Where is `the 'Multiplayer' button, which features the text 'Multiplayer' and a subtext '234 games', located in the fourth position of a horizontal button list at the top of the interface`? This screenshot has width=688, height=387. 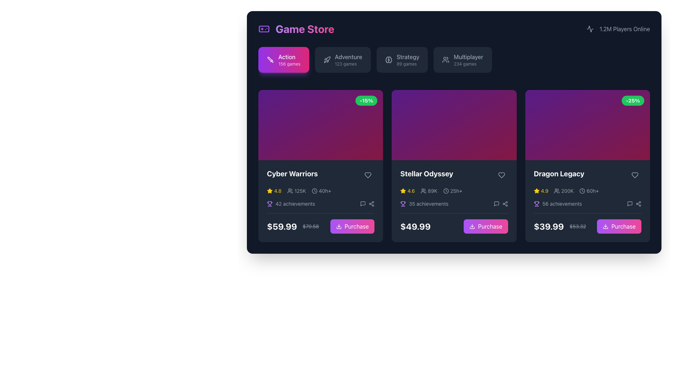
the 'Multiplayer' button, which features the text 'Multiplayer' and a subtext '234 games', located in the fourth position of a horizontal button list at the top of the interface is located at coordinates (463, 59).